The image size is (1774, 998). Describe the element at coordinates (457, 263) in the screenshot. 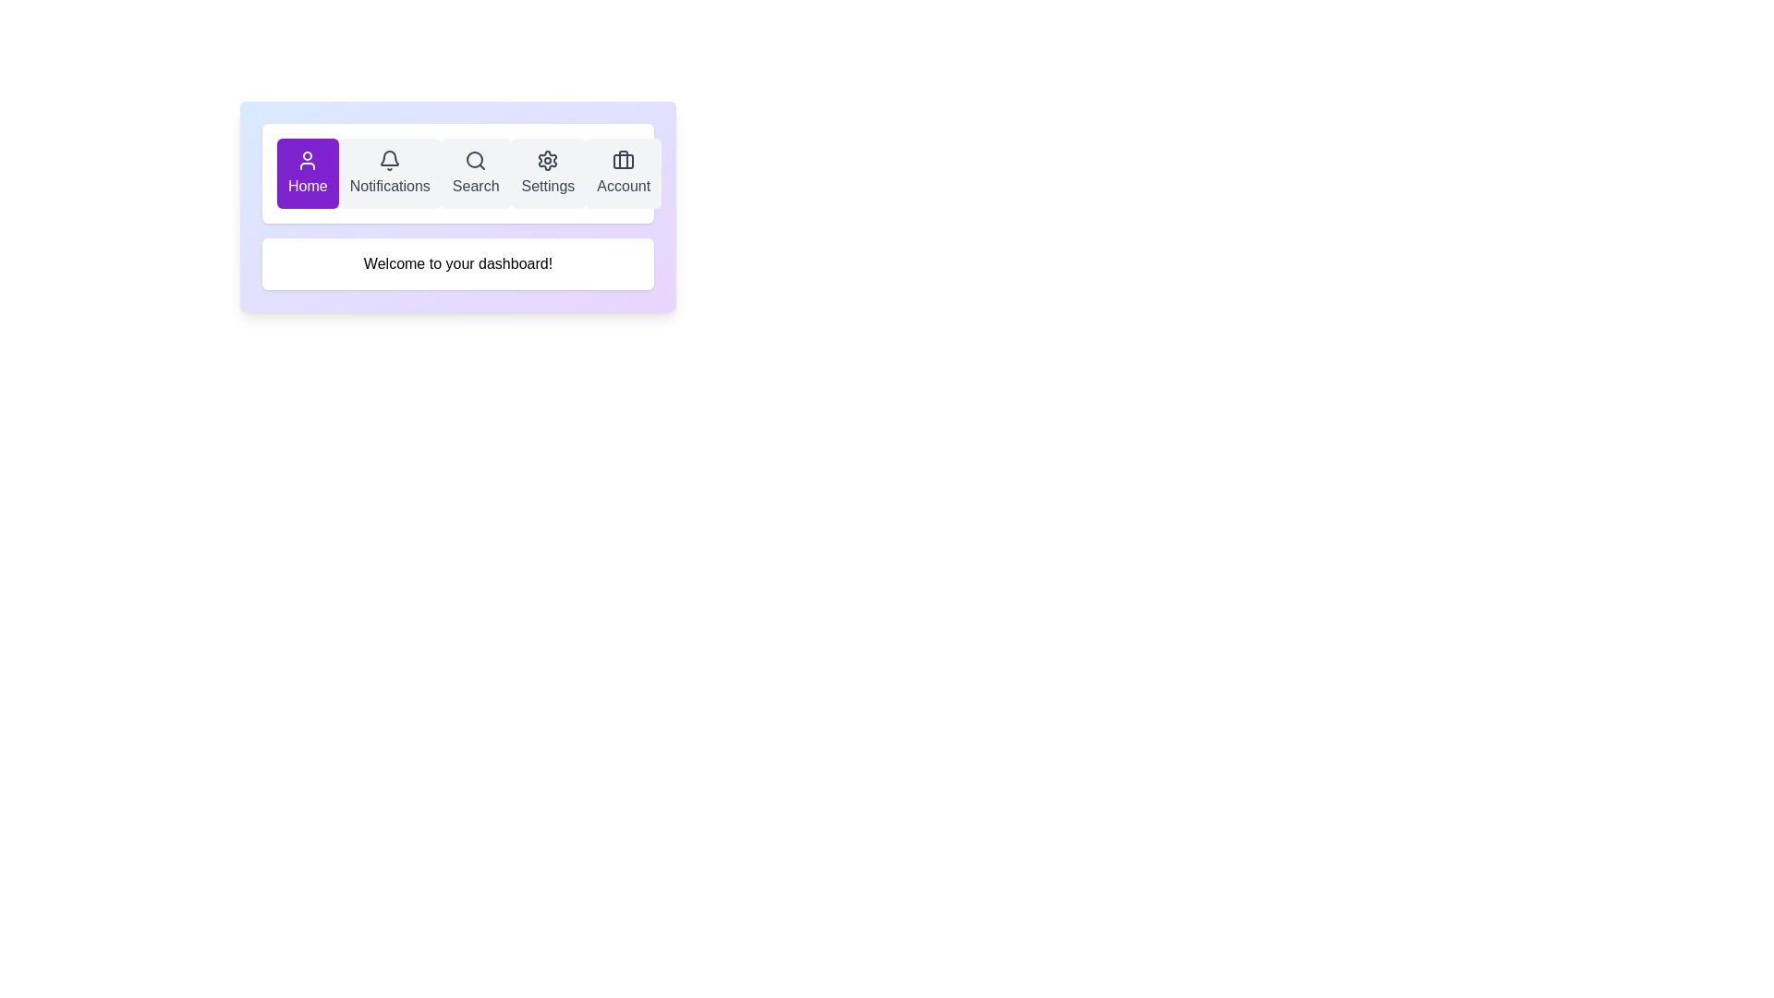

I see `the text label displaying 'Welcome to your dashboard!' which is centered within a white rounded rectangle card` at that location.